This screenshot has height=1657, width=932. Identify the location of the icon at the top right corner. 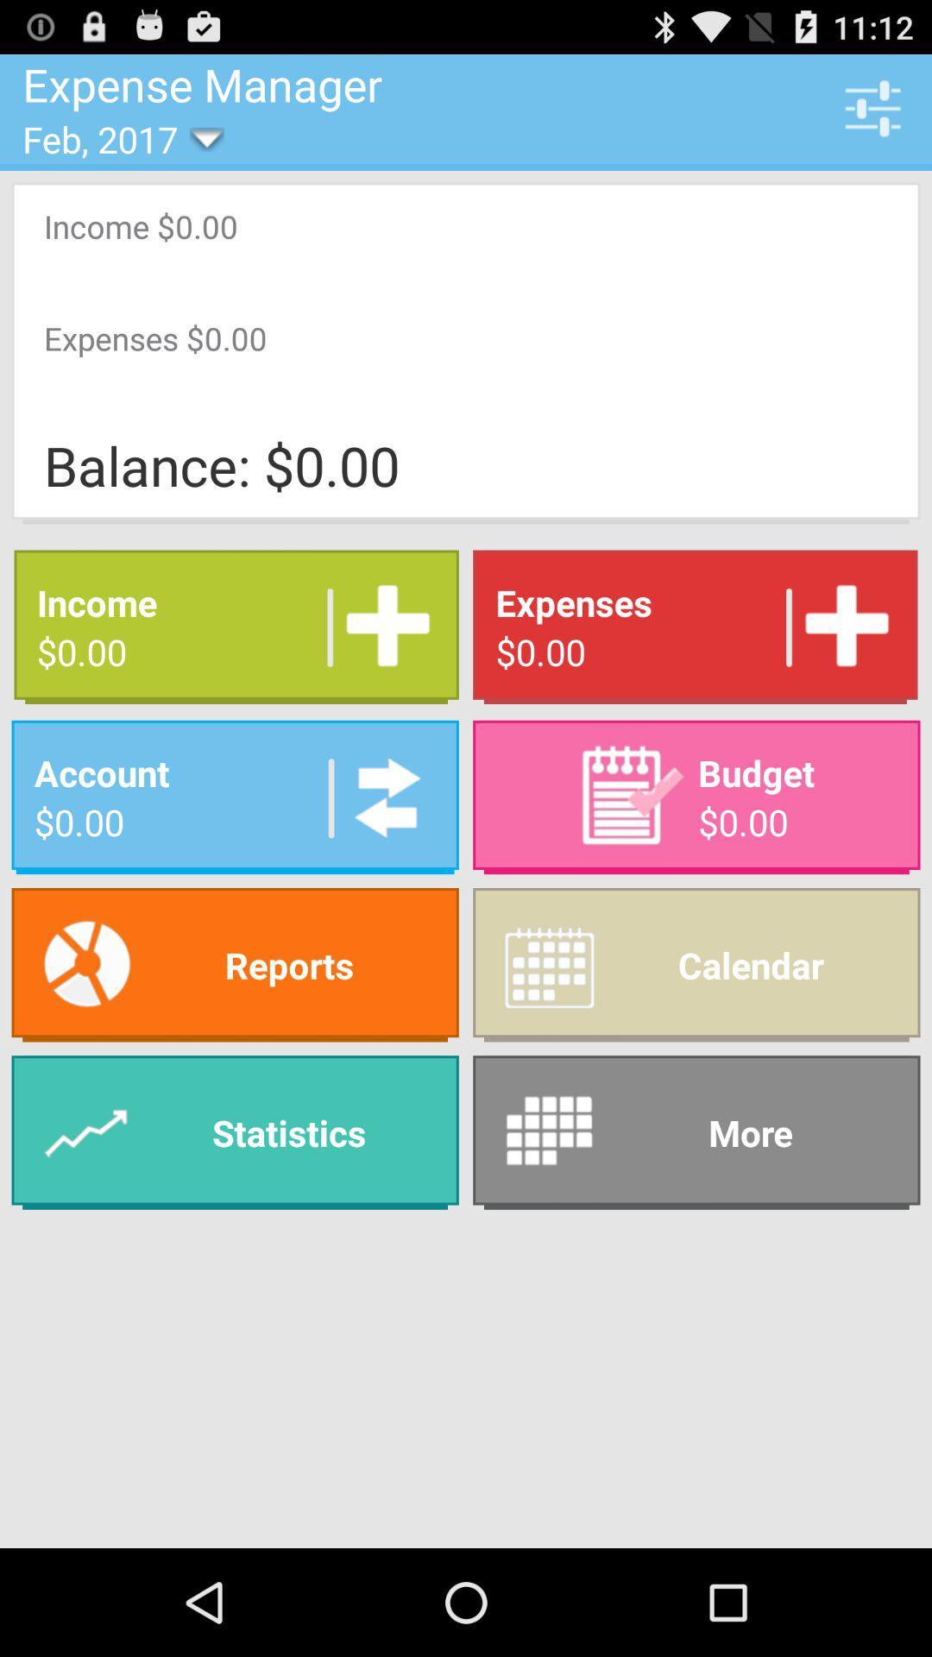
(872, 107).